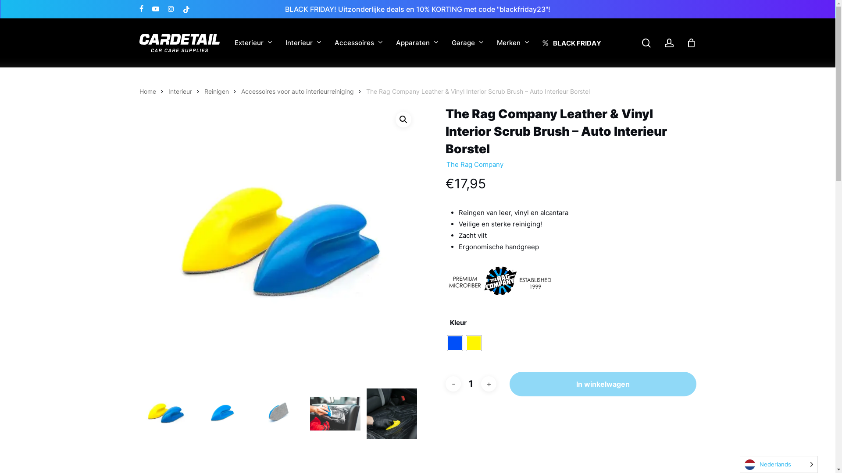 The width and height of the screenshot is (842, 473). I want to click on 'BLACK FRIDAY', so click(571, 42).